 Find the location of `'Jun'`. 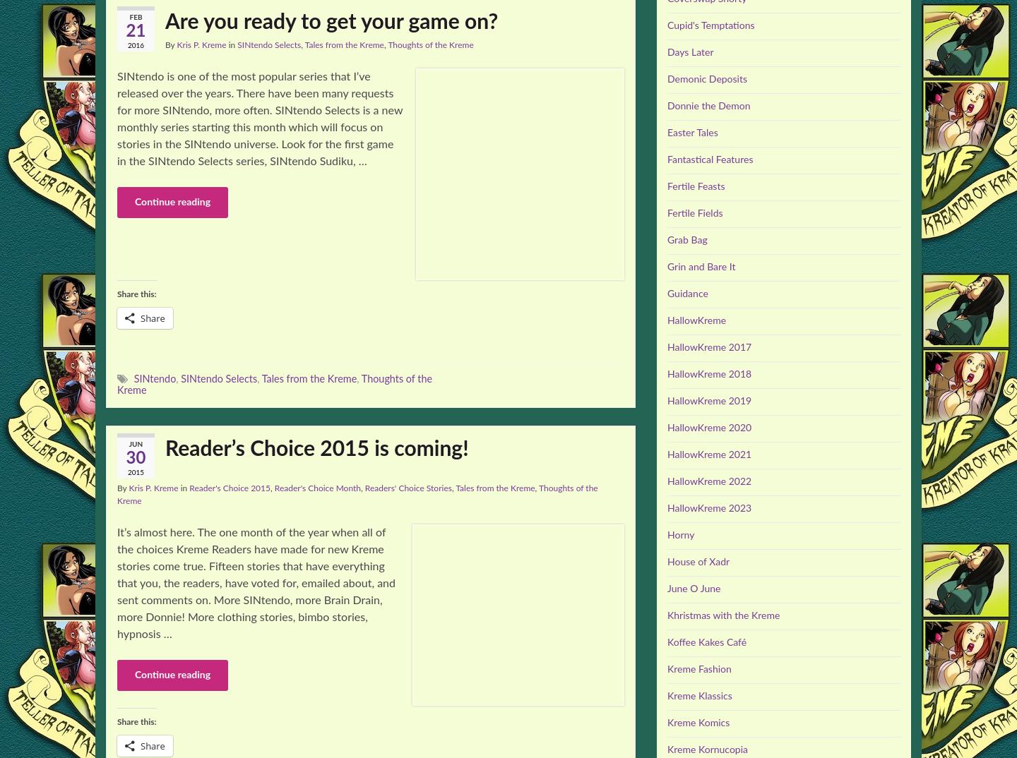

'Jun' is located at coordinates (135, 445).